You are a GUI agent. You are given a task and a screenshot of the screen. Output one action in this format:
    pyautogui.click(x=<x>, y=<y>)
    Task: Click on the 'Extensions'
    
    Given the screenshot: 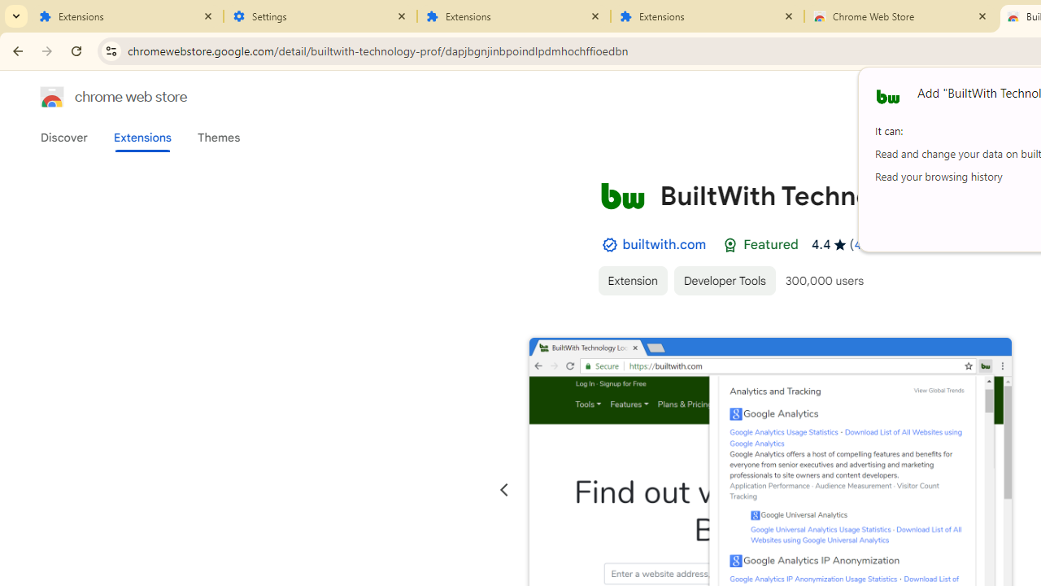 What is the action you would take?
    pyautogui.click(x=126, y=16)
    